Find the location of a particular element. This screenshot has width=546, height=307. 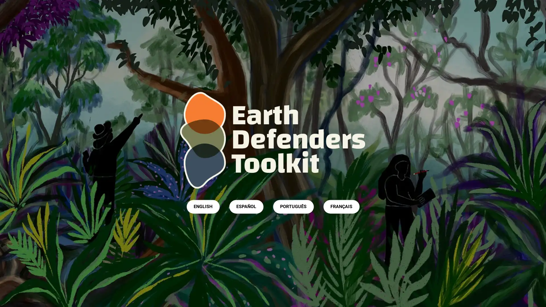

ENGLISH is located at coordinates (203, 206).